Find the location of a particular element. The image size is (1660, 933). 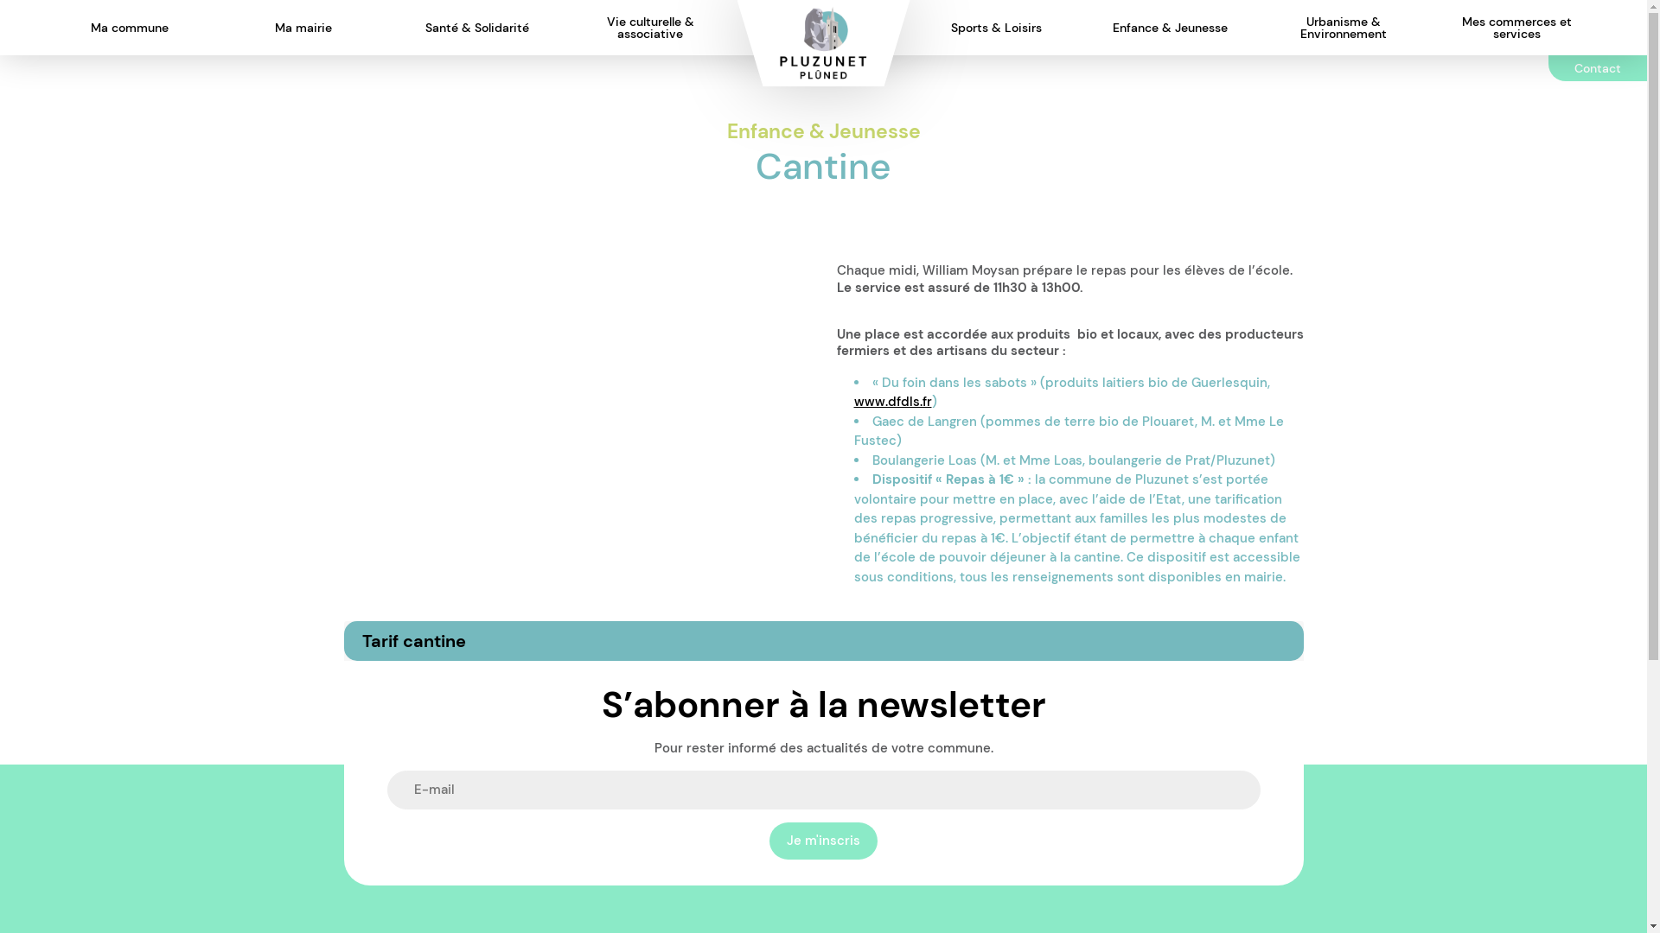

'Sports & Loisirs' is located at coordinates (933, 27).